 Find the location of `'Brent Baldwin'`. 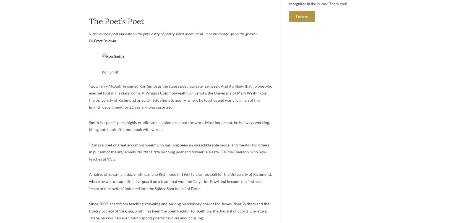

'Brent Baldwin' is located at coordinates (105, 40).